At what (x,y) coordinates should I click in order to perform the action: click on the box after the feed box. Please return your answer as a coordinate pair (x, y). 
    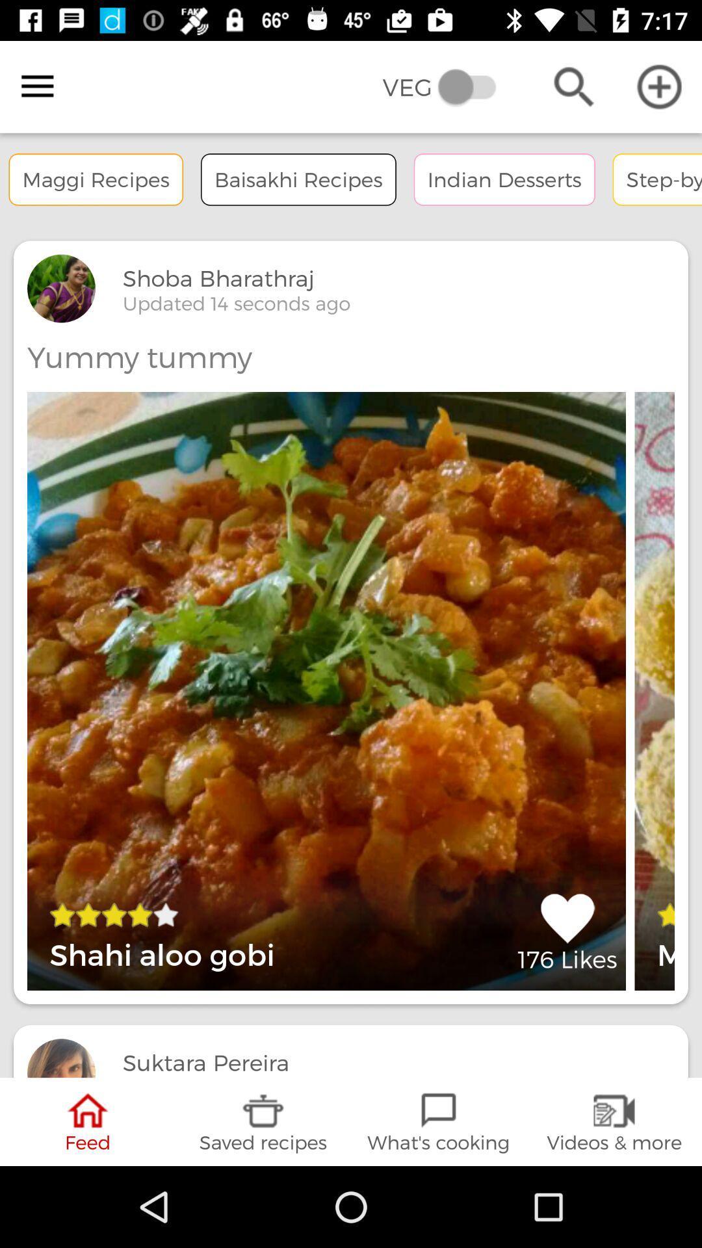
    Looking at the image, I should click on (263, 1121).